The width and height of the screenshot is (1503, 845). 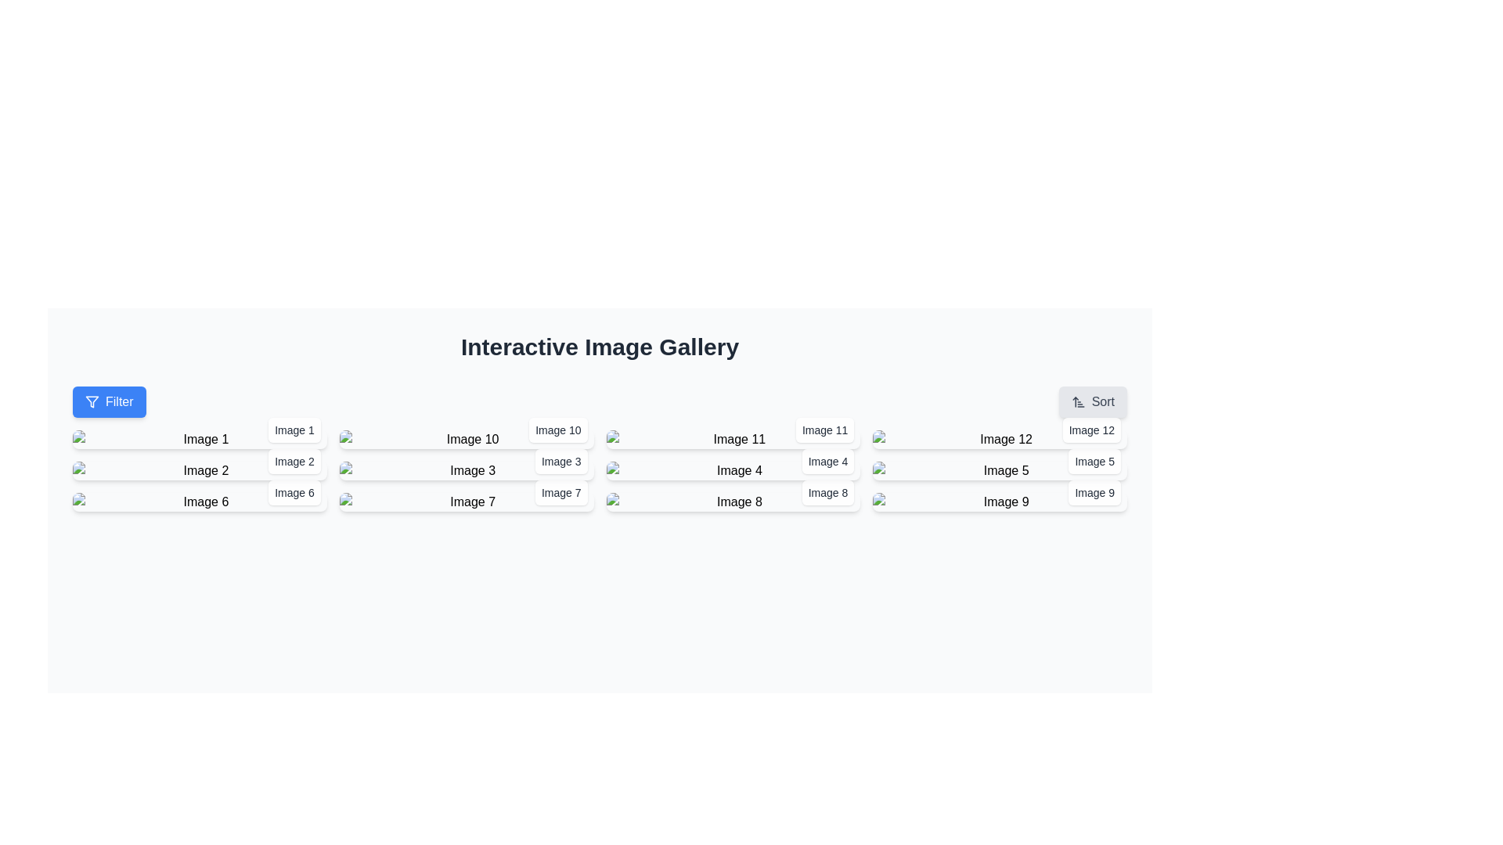 I want to click on the badge-like label displaying the text 'Image 10' for accessibility by moving the cursor to its center point, so click(x=558, y=430).